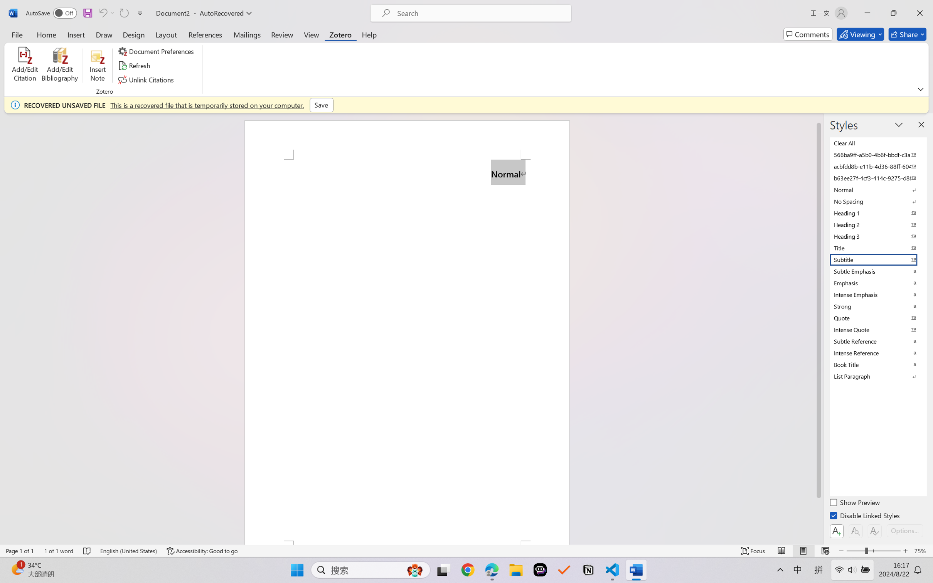 This screenshot has width=933, height=583. Describe the element at coordinates (860, 34) in the screenshot. I see `'Mode'` at that location.